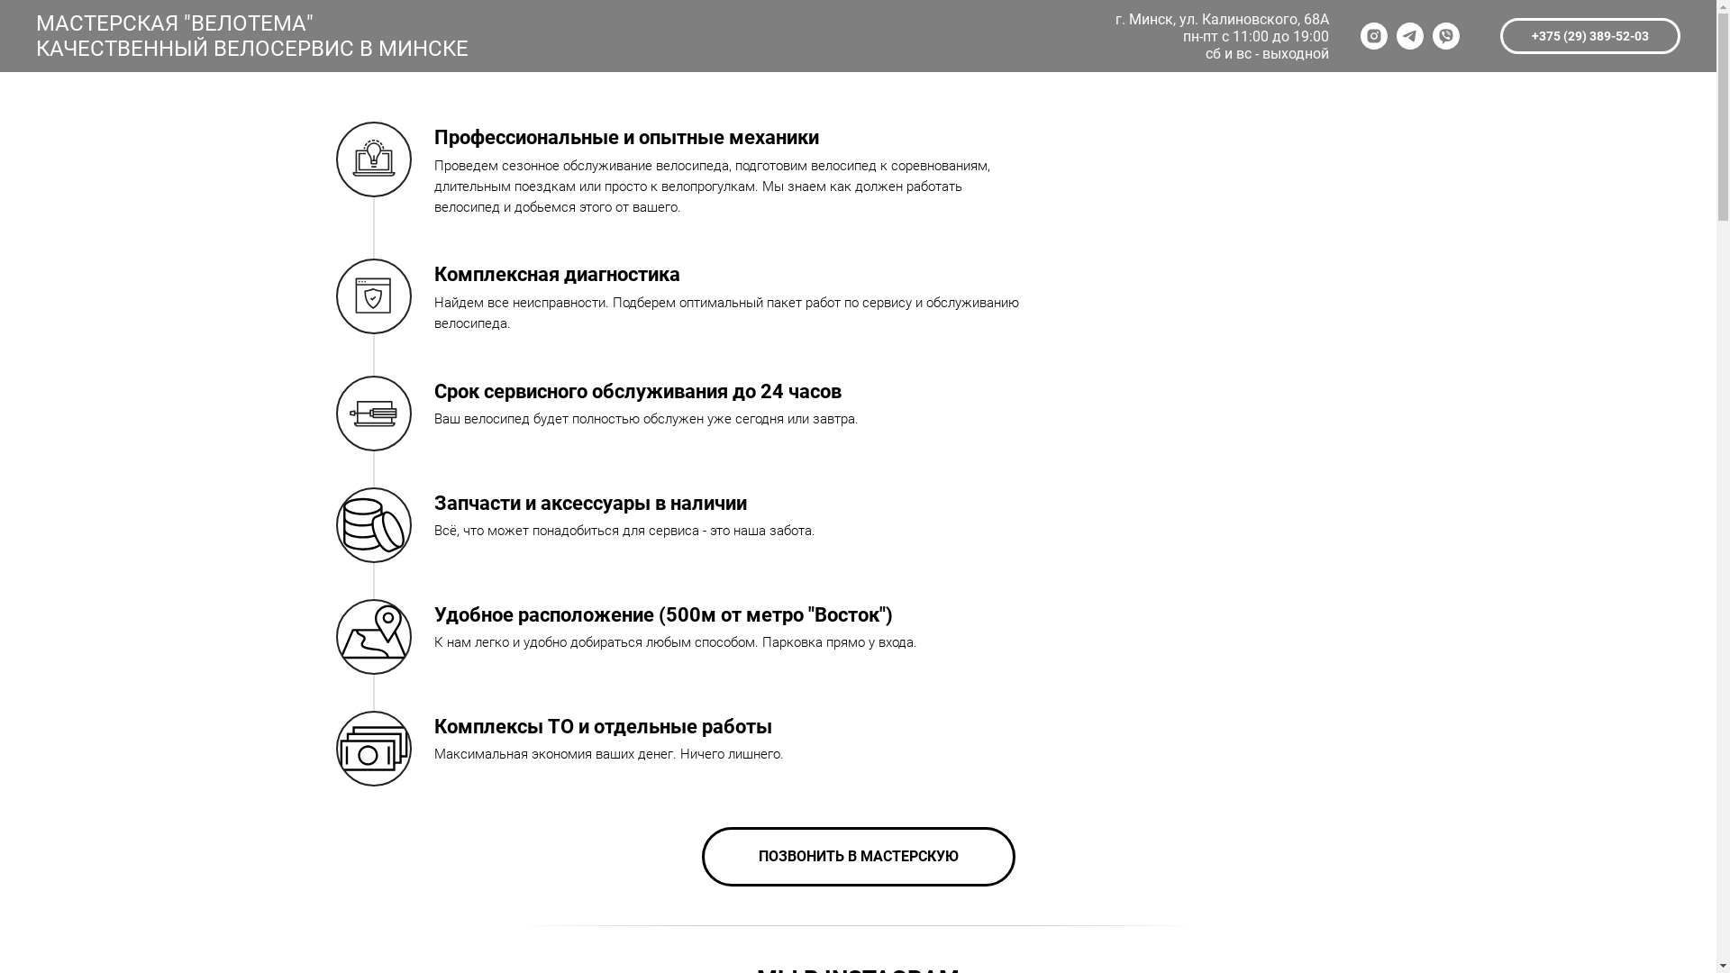 The height and width of the screenshot is (973, 1730). I want to click on '+375 (29) 389-52-03', so click(1590, 35).